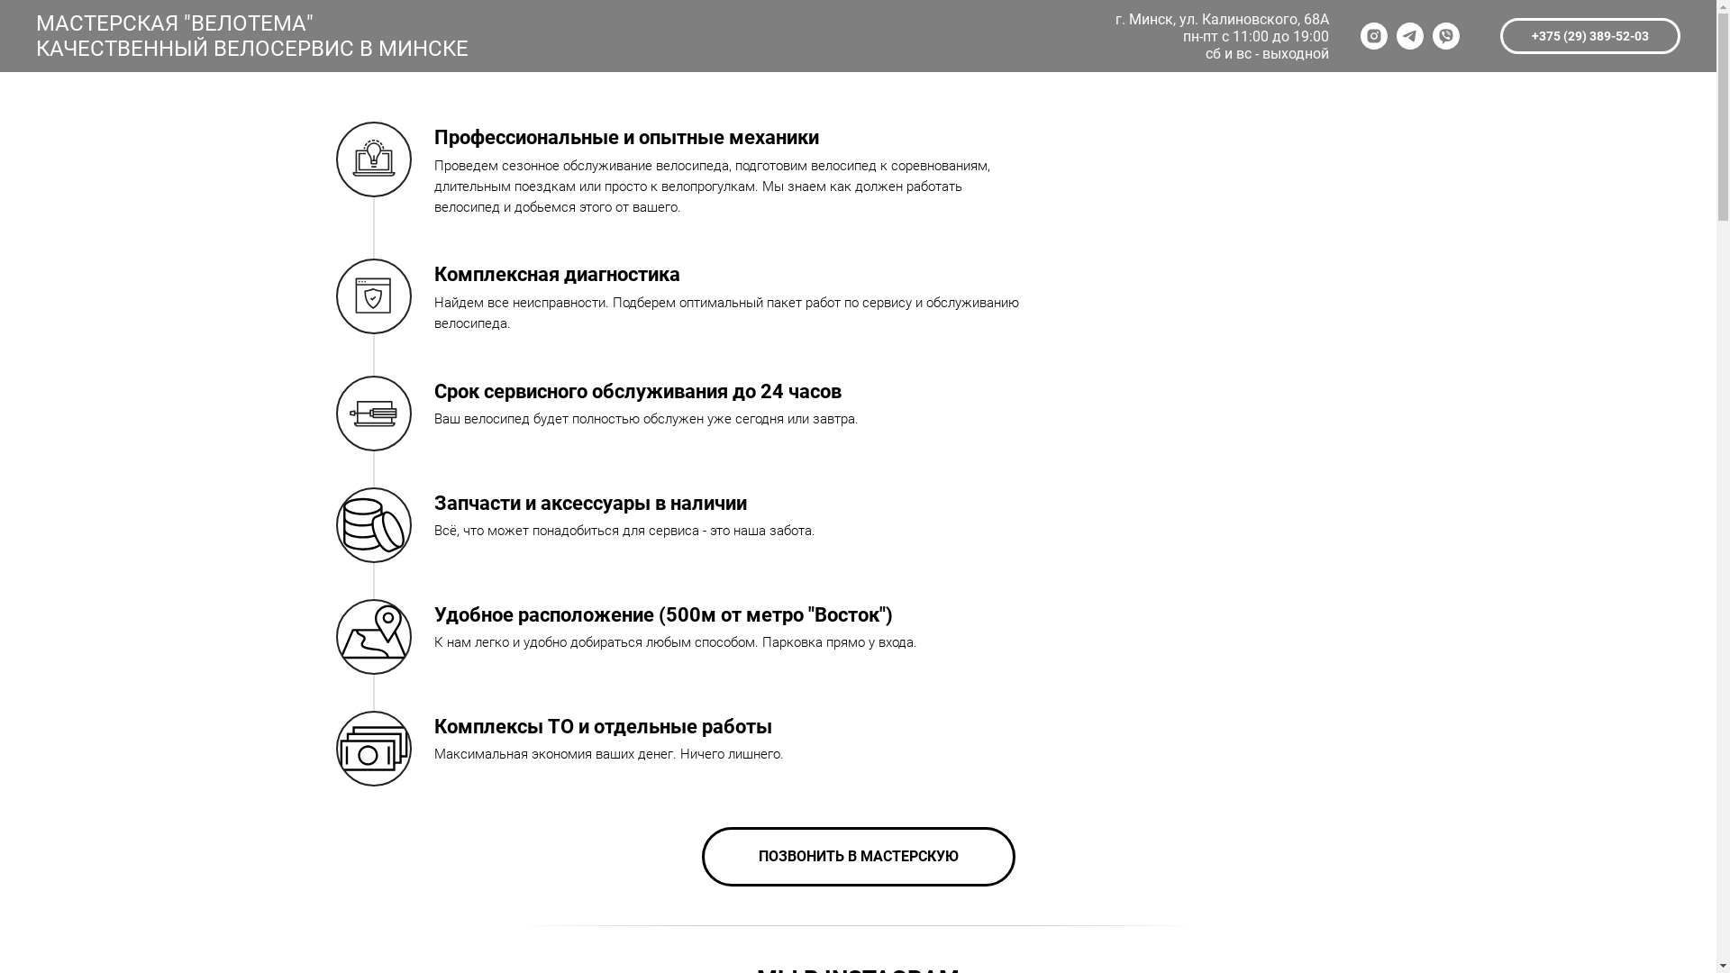 The height and width of the screenshot is (973, 1730). I want to click on '+375 (29) 389-52-03', so click(1590, 35).